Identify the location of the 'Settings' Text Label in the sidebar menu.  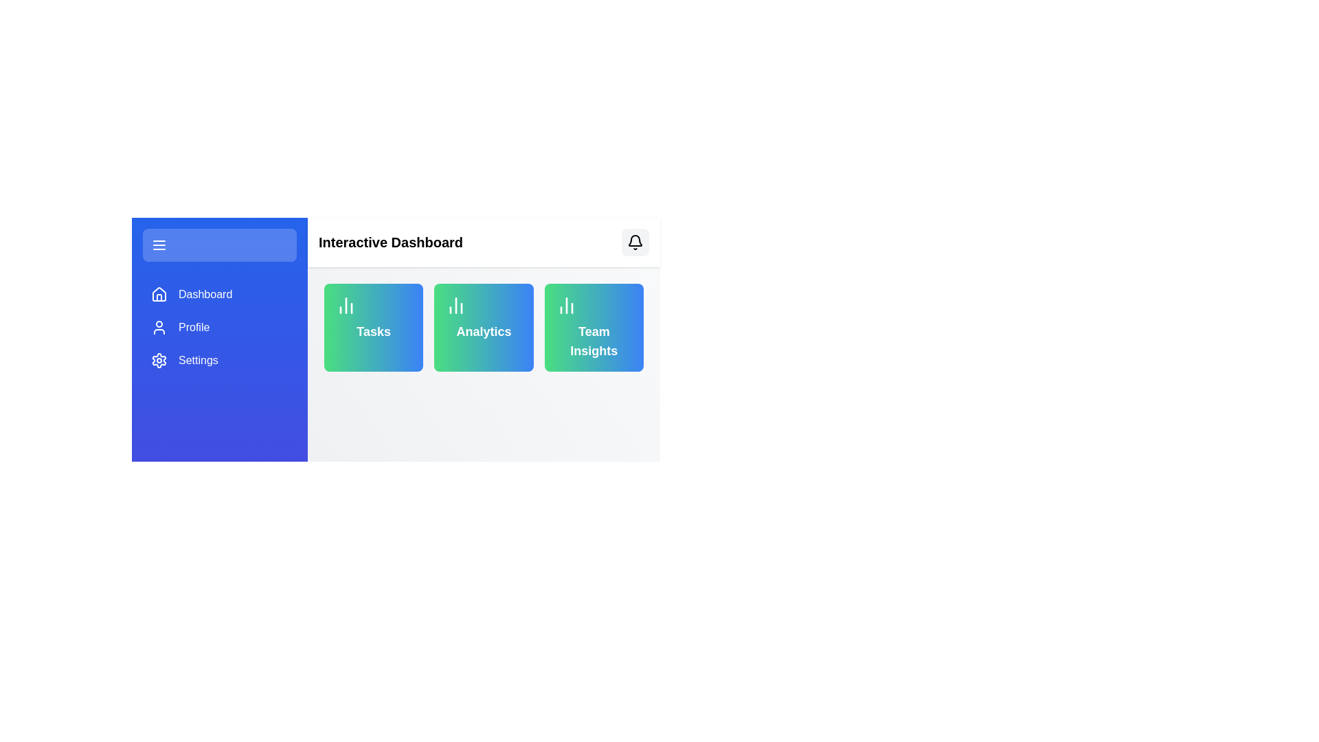
(197, 359).